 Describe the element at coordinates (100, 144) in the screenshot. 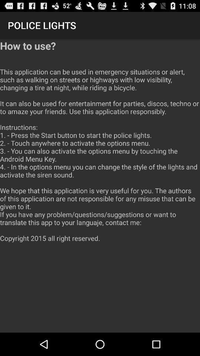

I see `icon at the center` at that location.